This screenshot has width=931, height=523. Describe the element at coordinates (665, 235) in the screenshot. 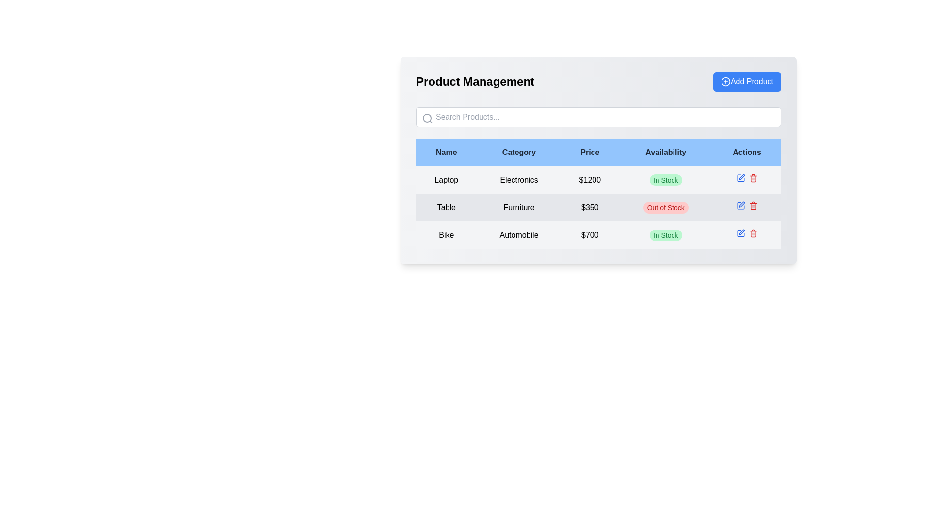

I see `the availability status label in the last row of the table for the 'Automobile' category item priced at $700, indicating it is currently in stock` at that location.